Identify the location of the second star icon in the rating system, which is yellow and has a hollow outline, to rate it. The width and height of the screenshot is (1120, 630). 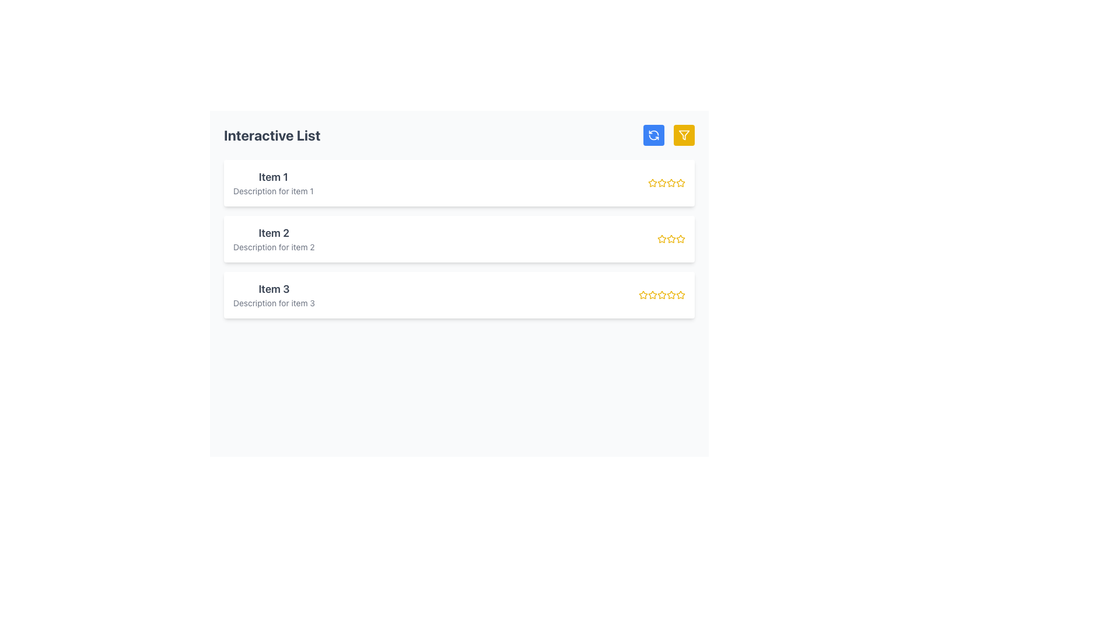
(661, 183).